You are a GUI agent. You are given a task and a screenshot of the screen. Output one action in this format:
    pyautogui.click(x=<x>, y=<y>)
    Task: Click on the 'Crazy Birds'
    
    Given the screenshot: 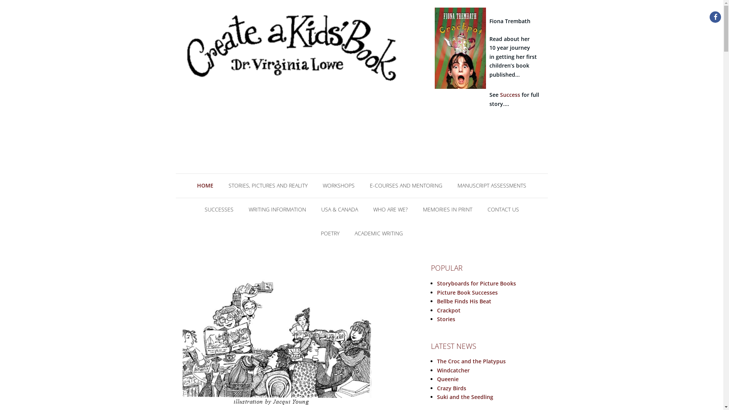 What is the action you would take?
    pyautogui.click(x=437, y=388)
    